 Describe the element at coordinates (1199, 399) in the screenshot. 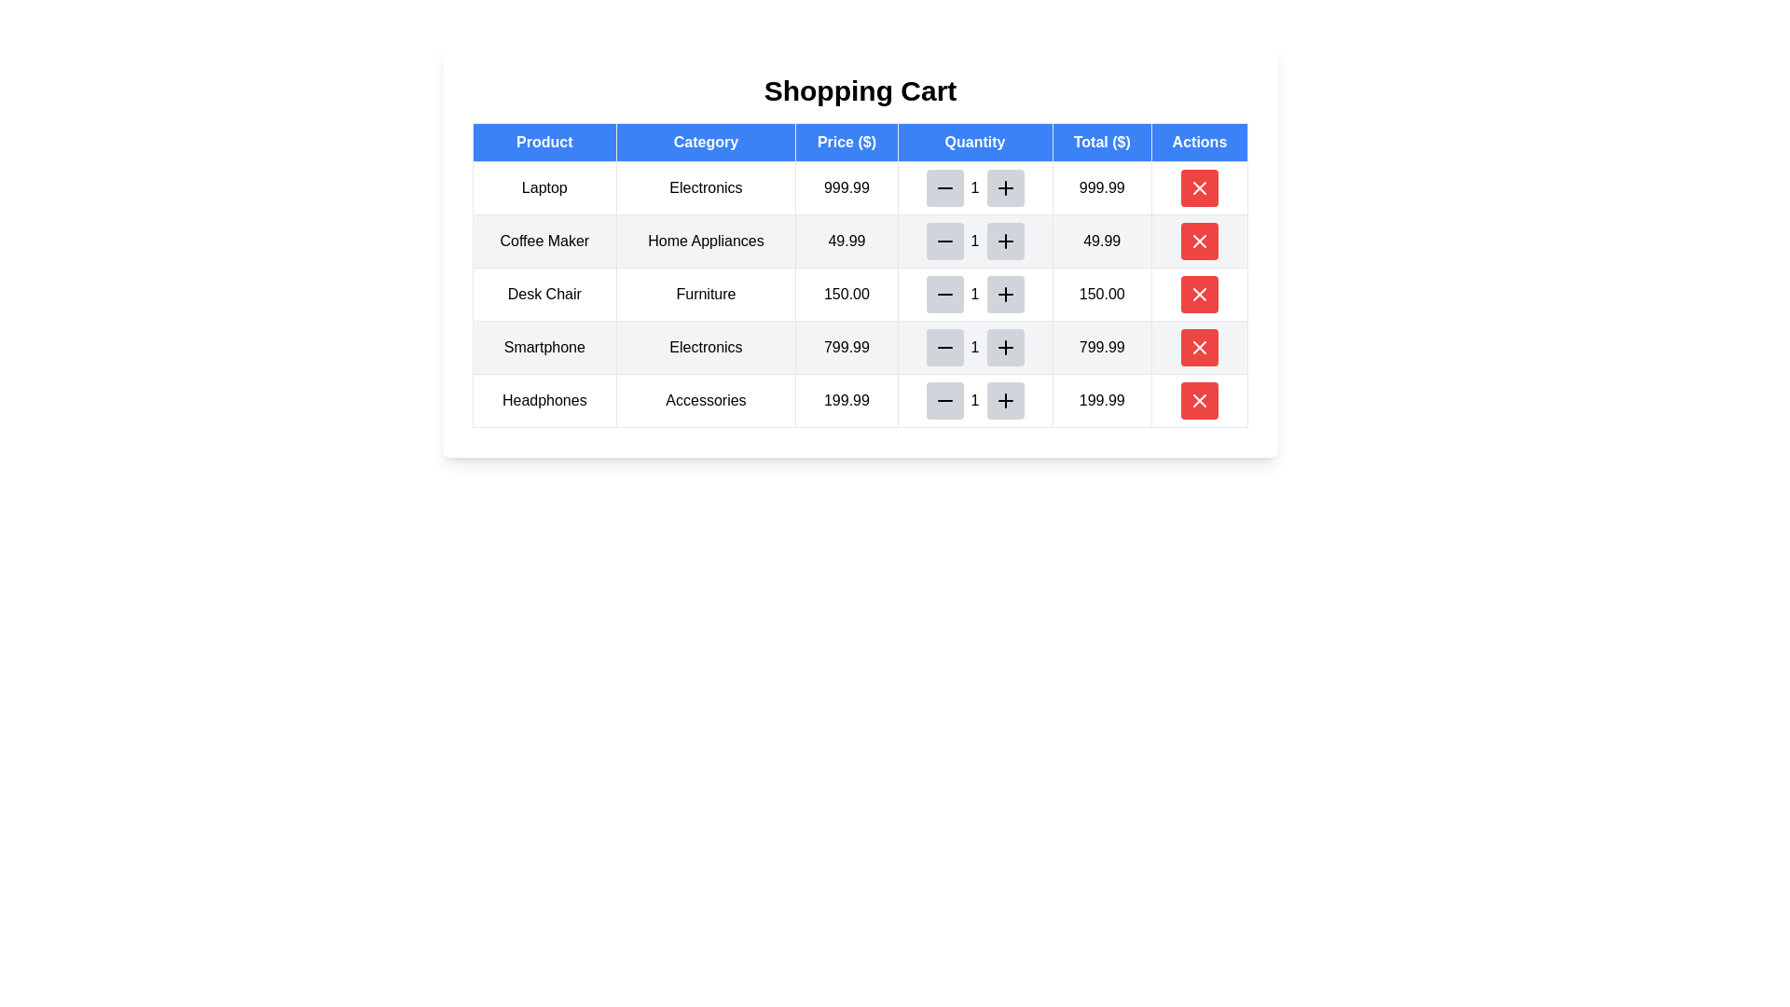

I see `the button used to remove the 'Headphones' item from the shopping cart` at that location.